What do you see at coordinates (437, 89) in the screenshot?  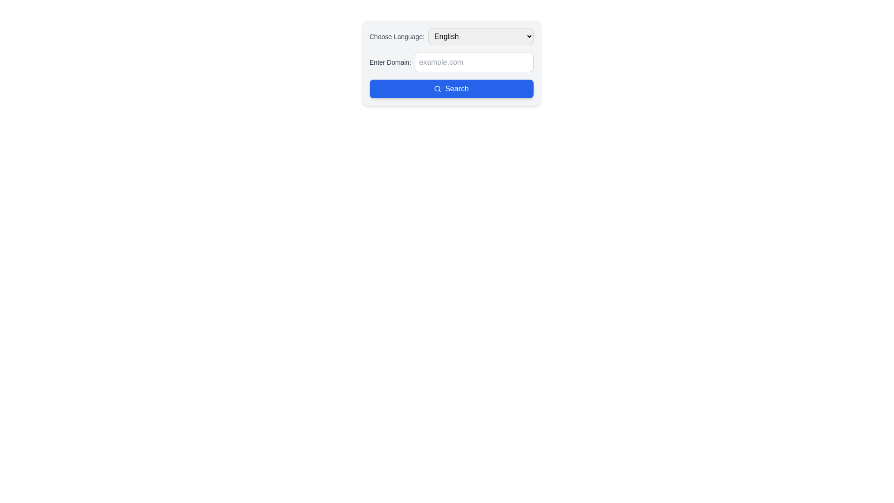 I see `the blue 'Search' button which contains a small magnifying glass icon to the left of the 'Search' label` at bounding box center [437, 89].